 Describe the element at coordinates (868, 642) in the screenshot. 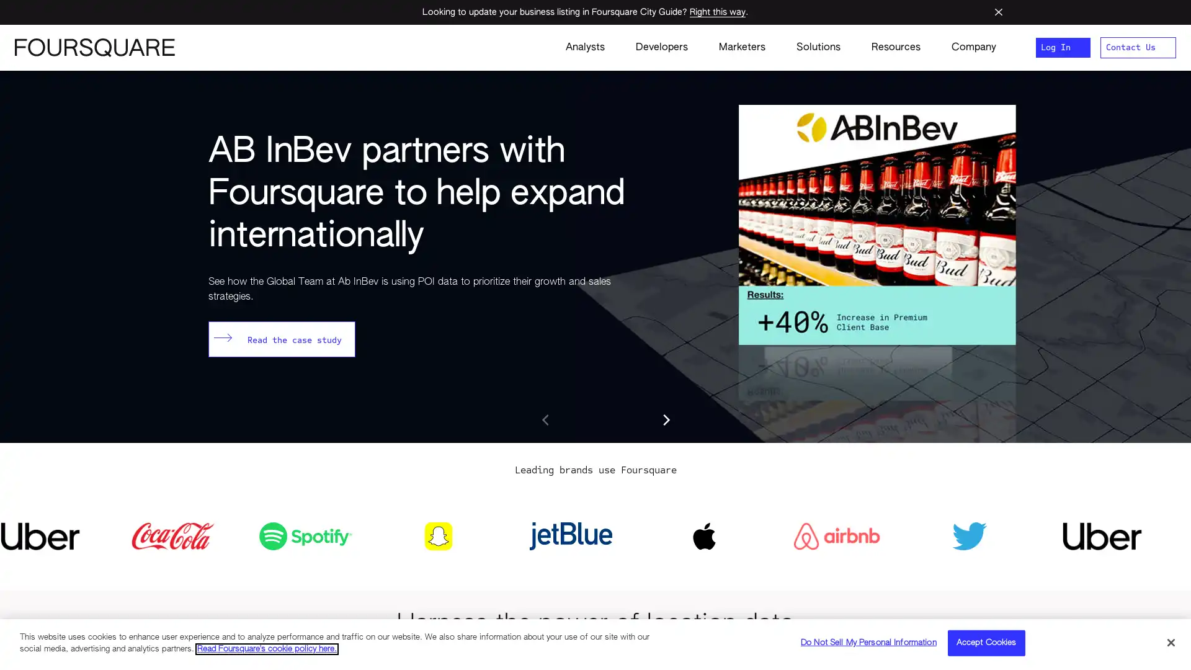

I see `Do Not Sell My Personal Information` at that location.